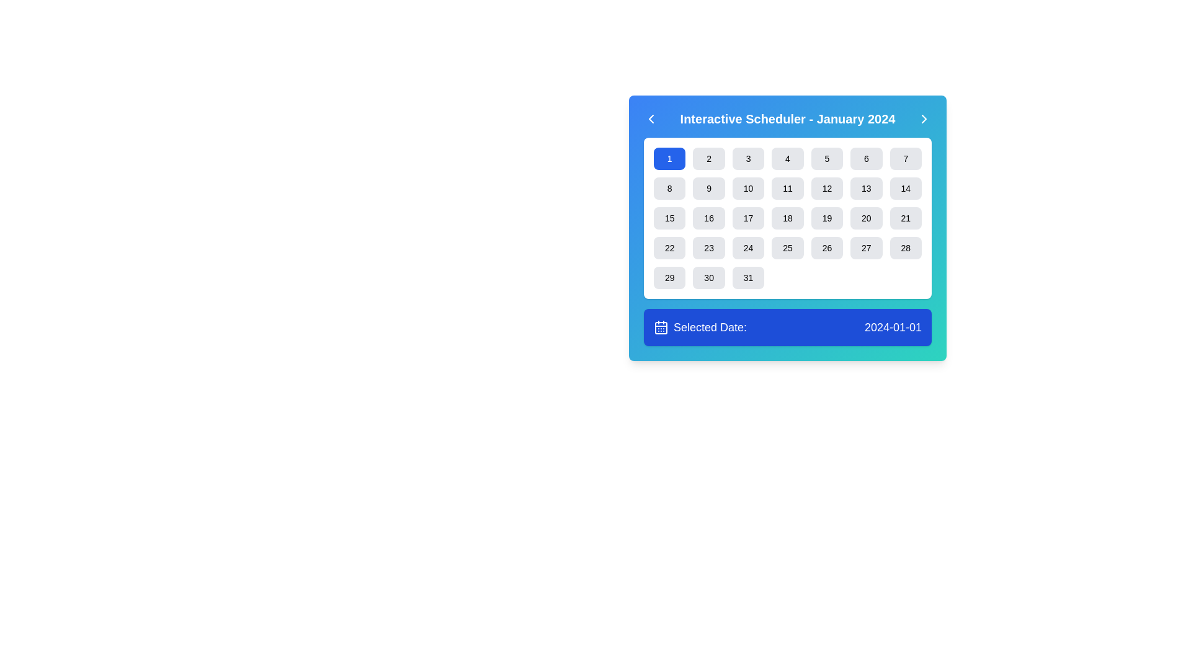 The width and height of the screenshot is (1191, 670). What do you see at coordinates (787, 158) in the screenshot?
I see `the rectangular button labeled '4' in the calendar grid layout` at bounding box center [787, 158].